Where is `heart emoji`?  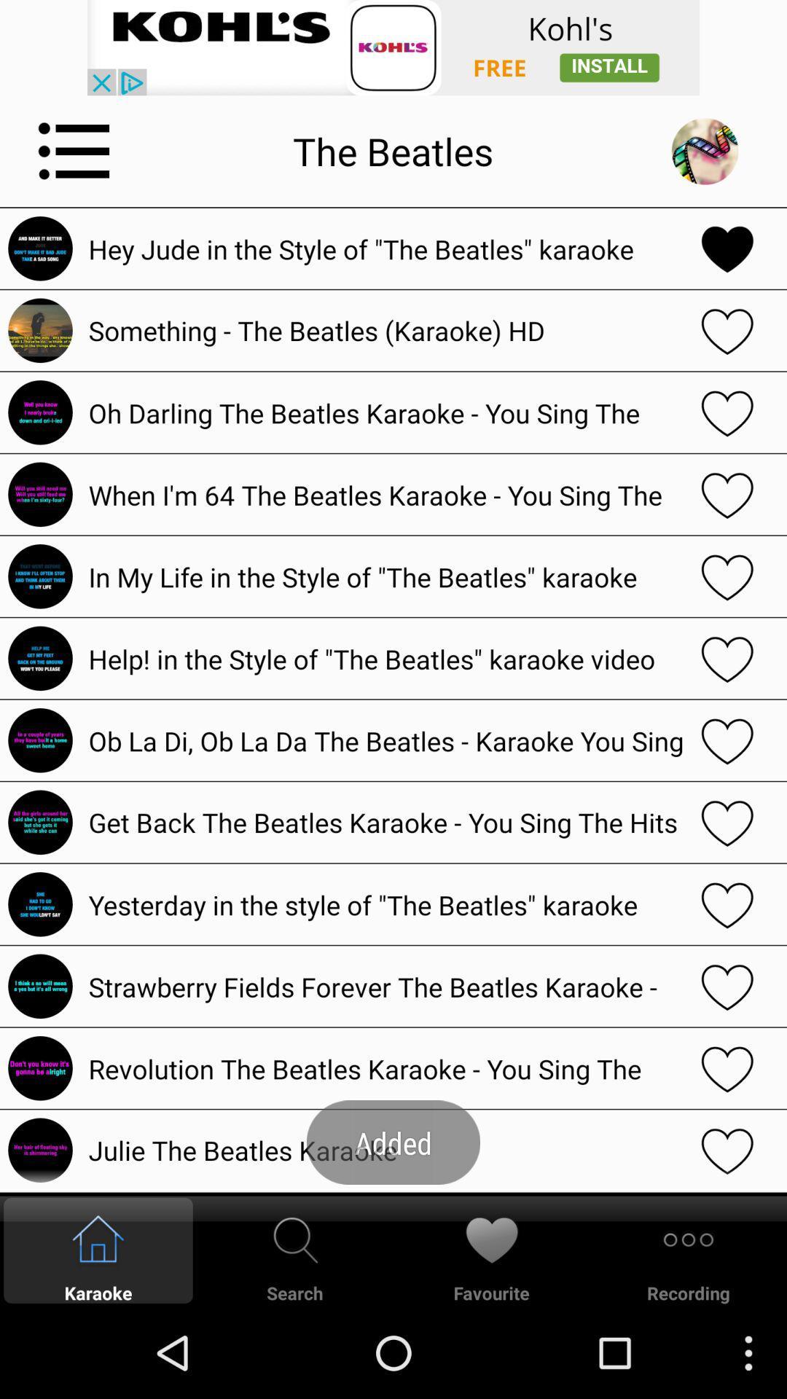
heart emoji is located at coordinates (727, 1068).